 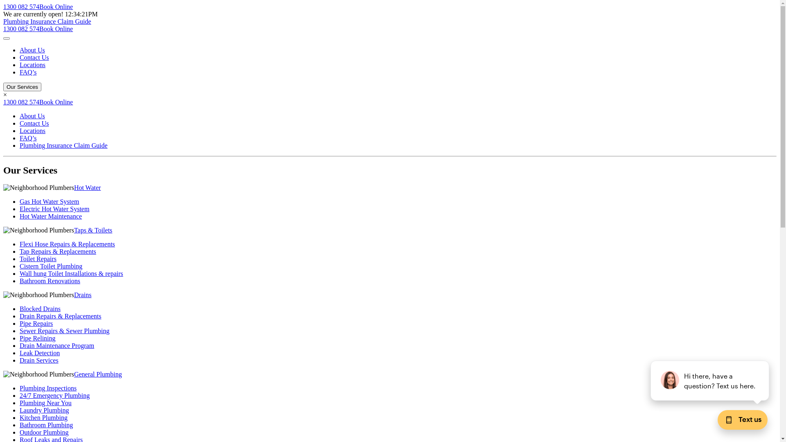 What do you see at coordinates (20, 259) in the screenshot?
I see `'Toilet Repairs'` at bounding box center [20, 259].